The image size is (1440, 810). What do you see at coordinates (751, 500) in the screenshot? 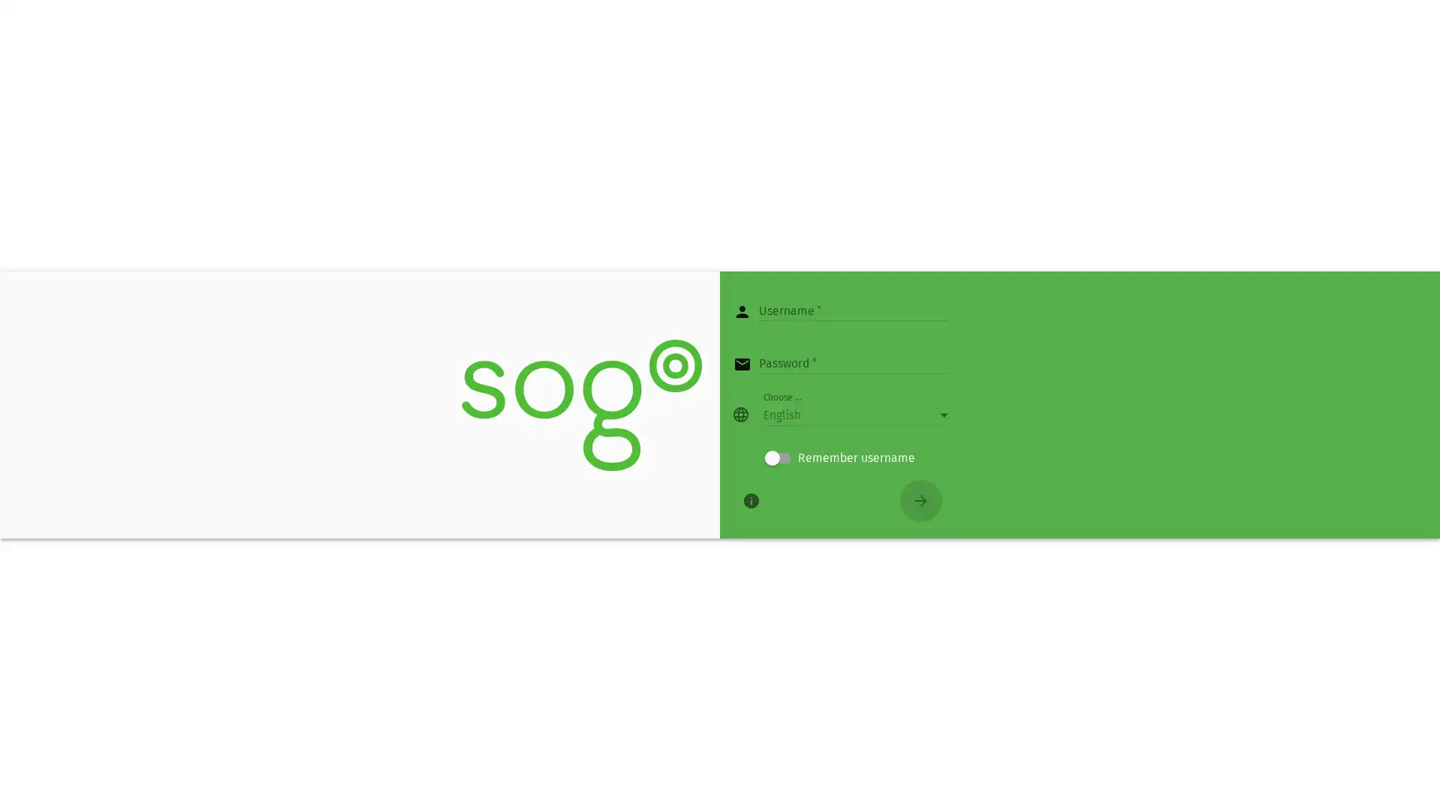
I see `About` at bounding box center [751, 500].